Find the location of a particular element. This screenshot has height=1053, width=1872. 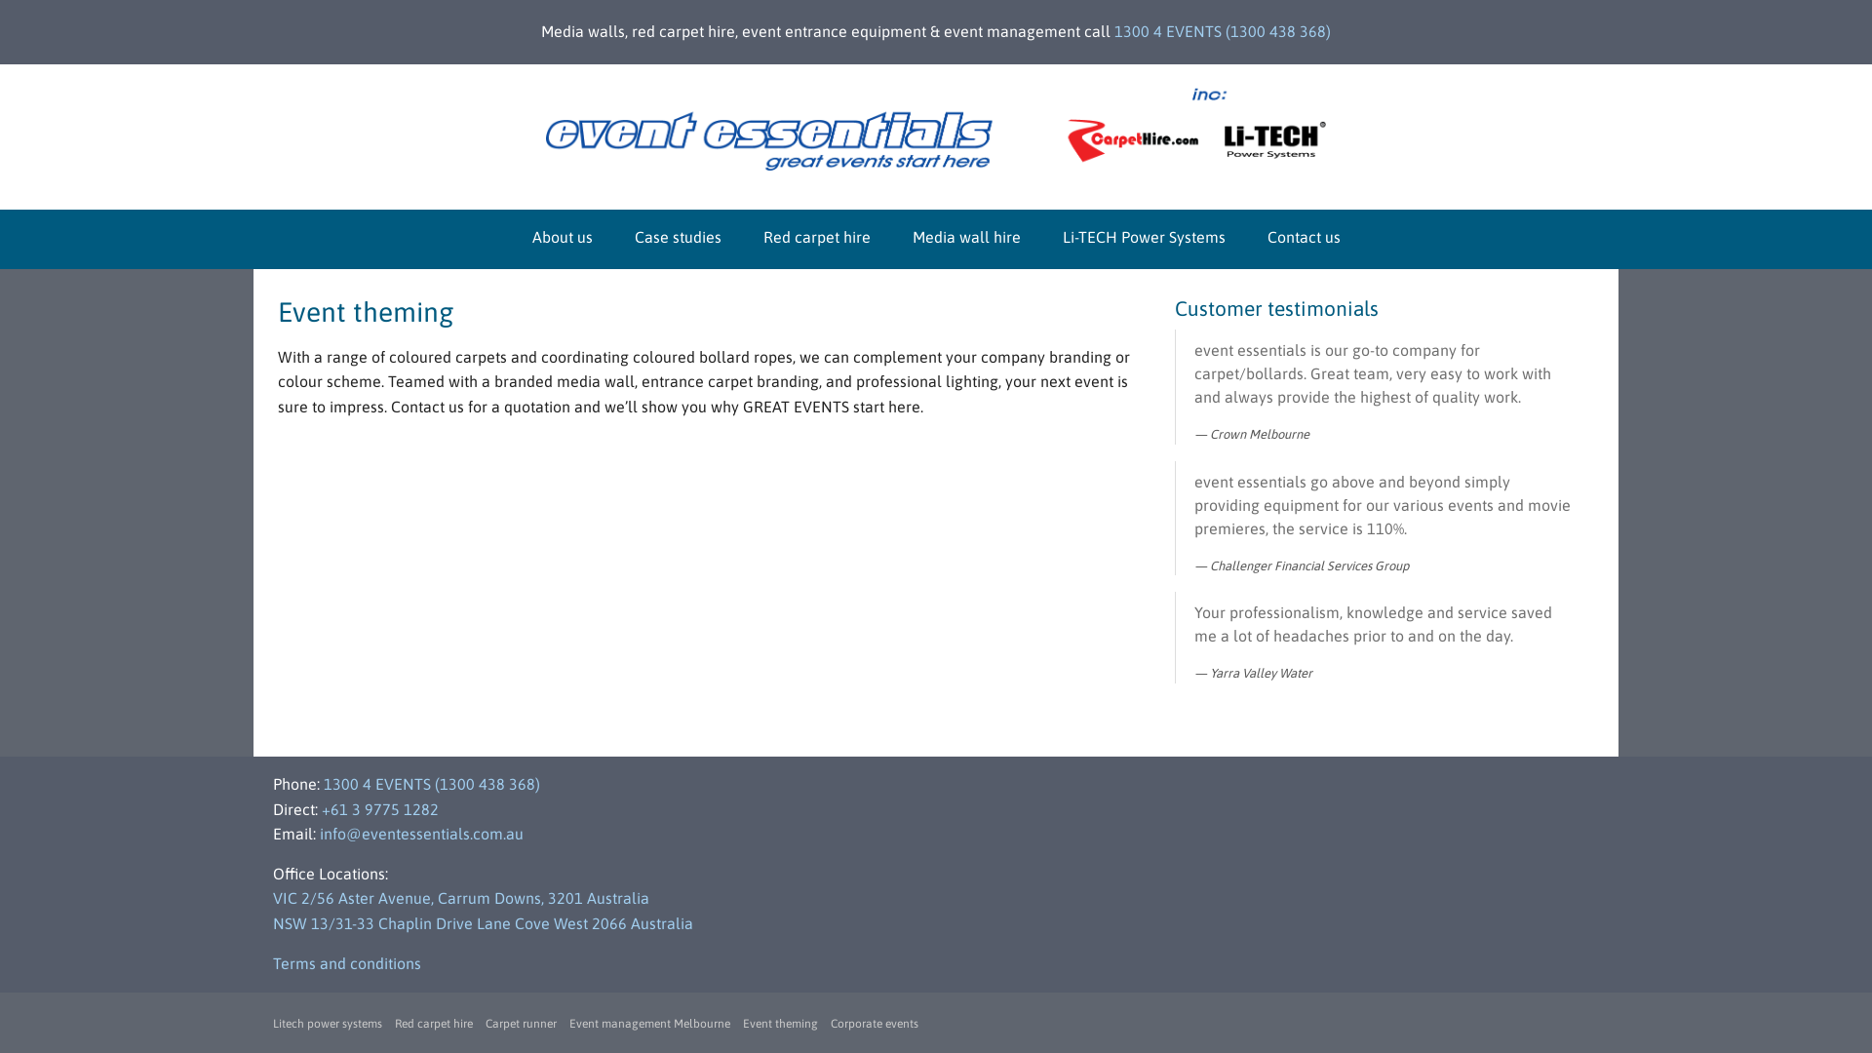

'About us' is located at coordinates (561, 236).